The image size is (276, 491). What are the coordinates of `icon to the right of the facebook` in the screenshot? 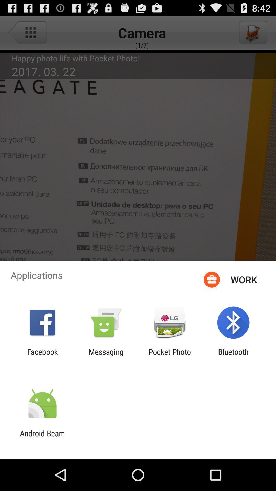 It's located at (106, 356).